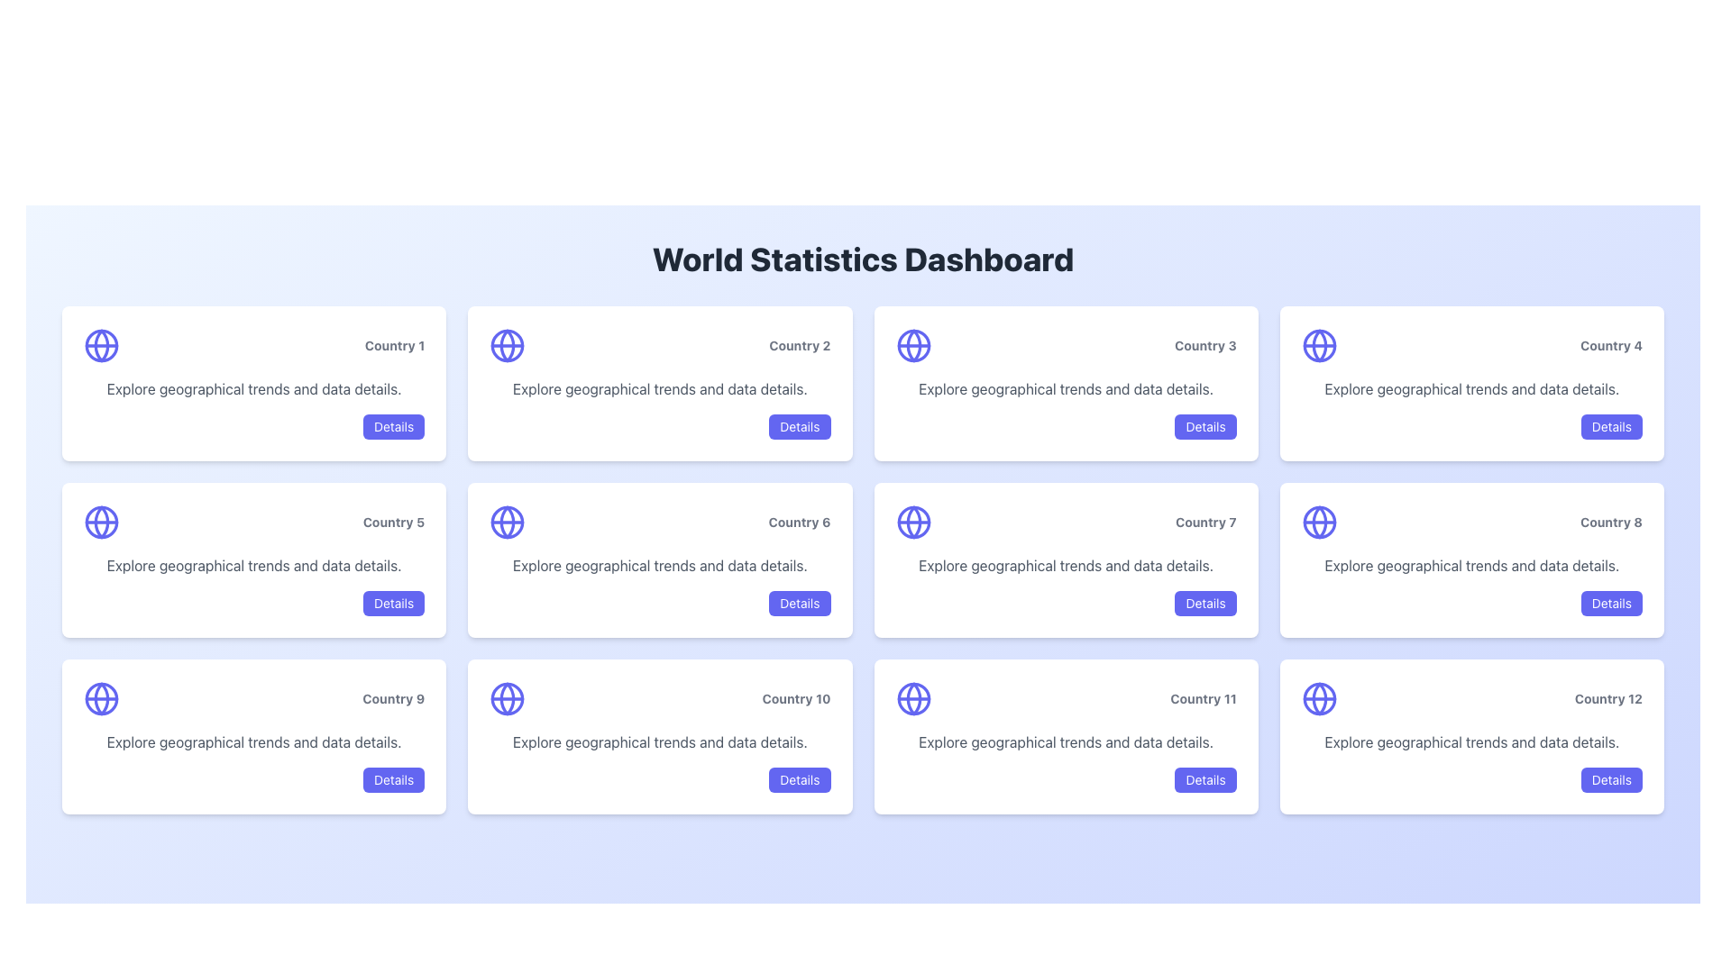 The width and height of the screenshot is (1731, 973). What do you see at coordinates (253, 559) in the screenshot?
I see `displayed content of the interactive card for 'Country 5', which is positioned in the second row, first column of the grid layout` at bounding box center [253, 559].